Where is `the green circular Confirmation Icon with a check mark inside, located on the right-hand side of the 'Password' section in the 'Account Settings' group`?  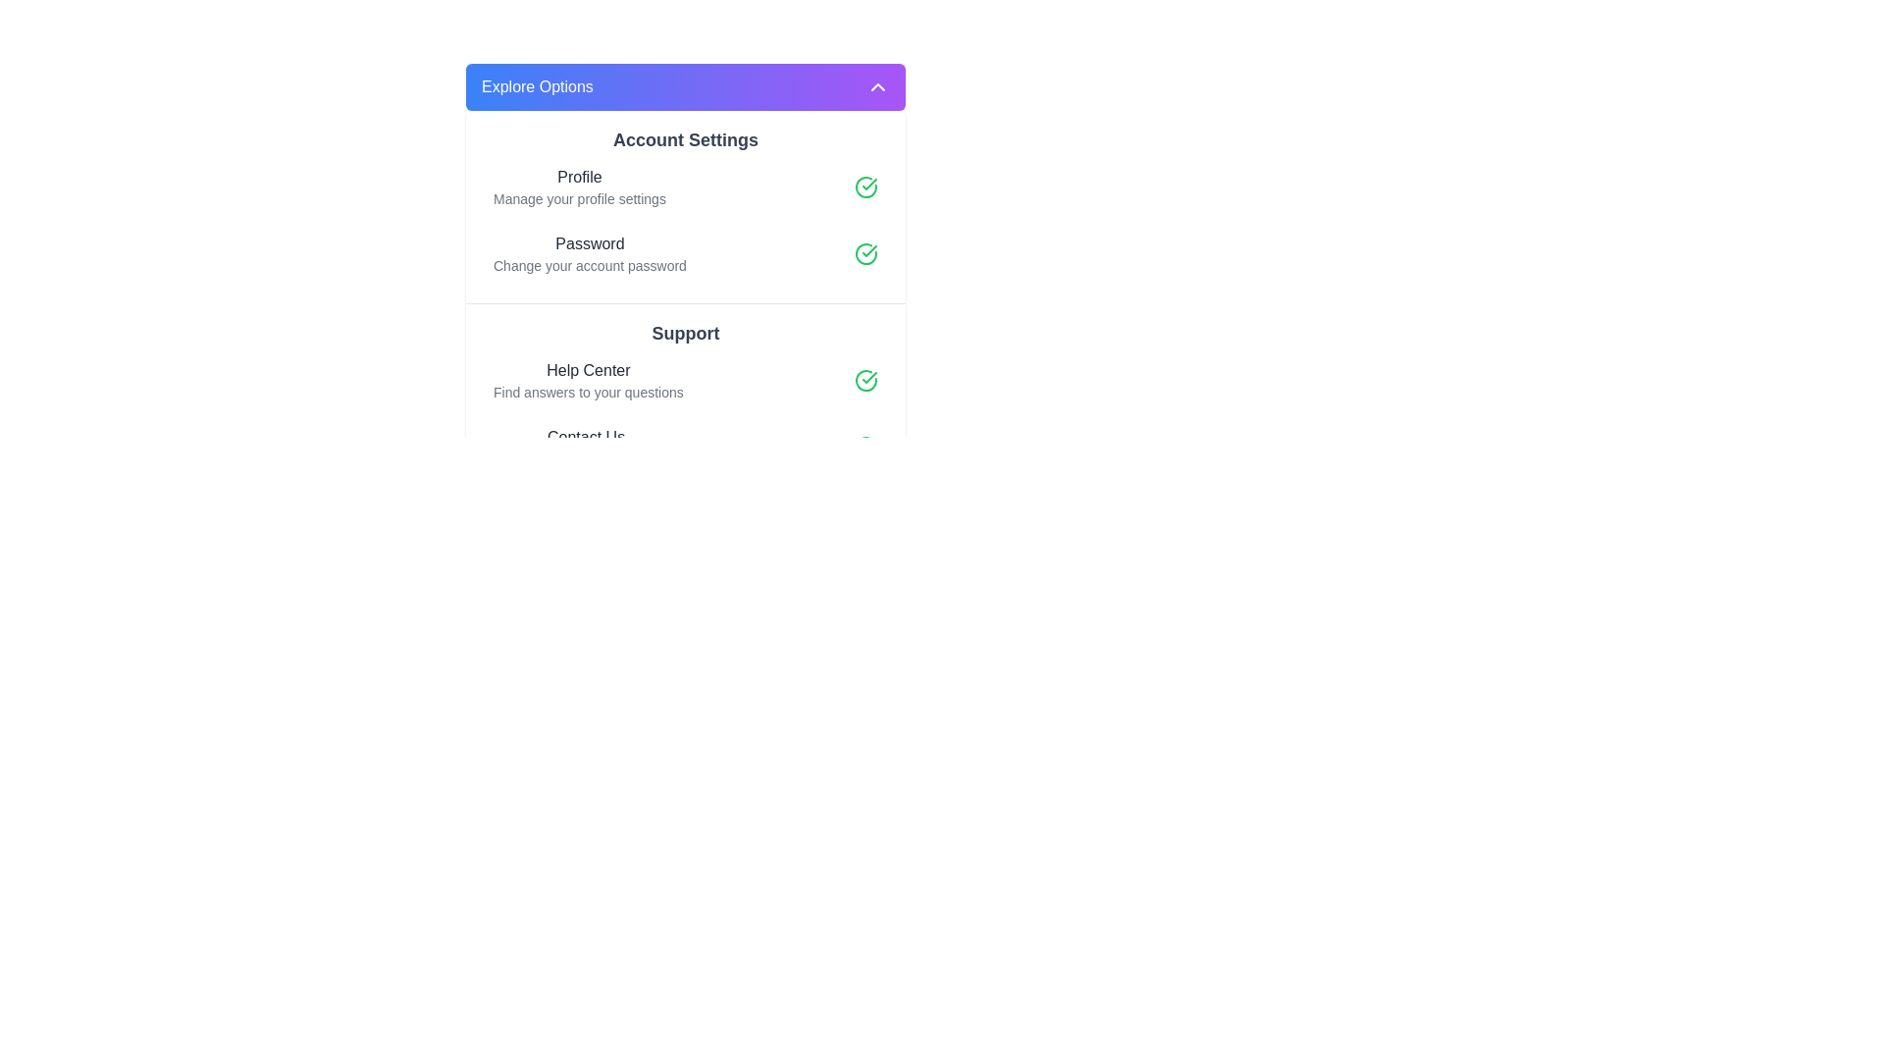
the green circular Confirmation Icon with a check mark inside, located on the right-hand side of the 'Password' section in the 'Account Settings' group is located at coordinates (865, 252).